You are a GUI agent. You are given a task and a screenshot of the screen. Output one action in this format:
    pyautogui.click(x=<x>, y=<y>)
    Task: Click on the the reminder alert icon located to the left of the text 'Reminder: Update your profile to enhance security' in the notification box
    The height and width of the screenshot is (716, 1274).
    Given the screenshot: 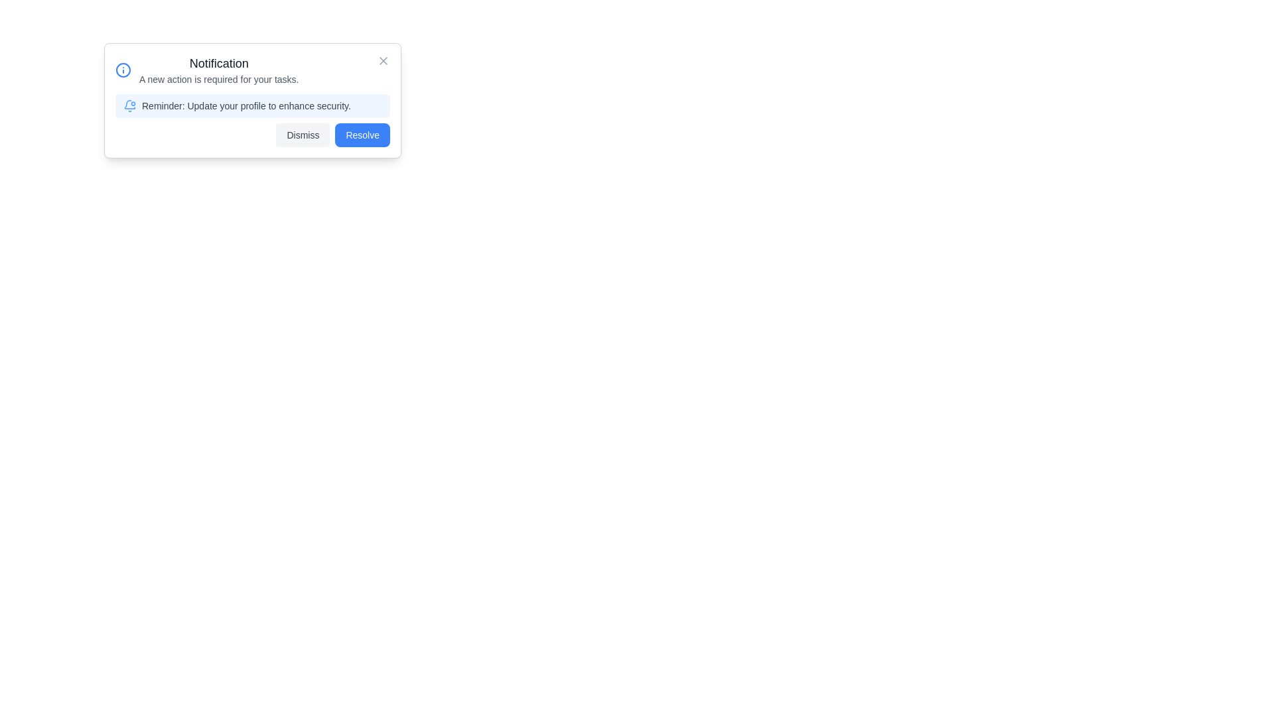 What is the action you would take?
    pyautogui.click(x=130, y=105)
    